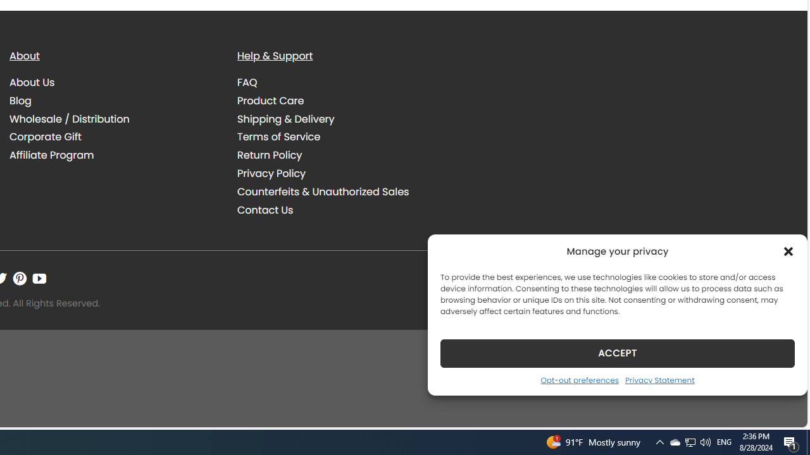  I want to click on 'Blog', so click(20, 100).